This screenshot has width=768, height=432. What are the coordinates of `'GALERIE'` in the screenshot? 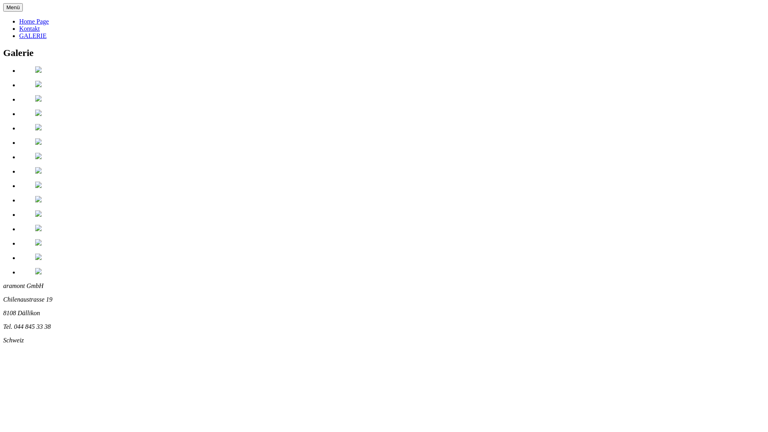 It's located at (32, 35).